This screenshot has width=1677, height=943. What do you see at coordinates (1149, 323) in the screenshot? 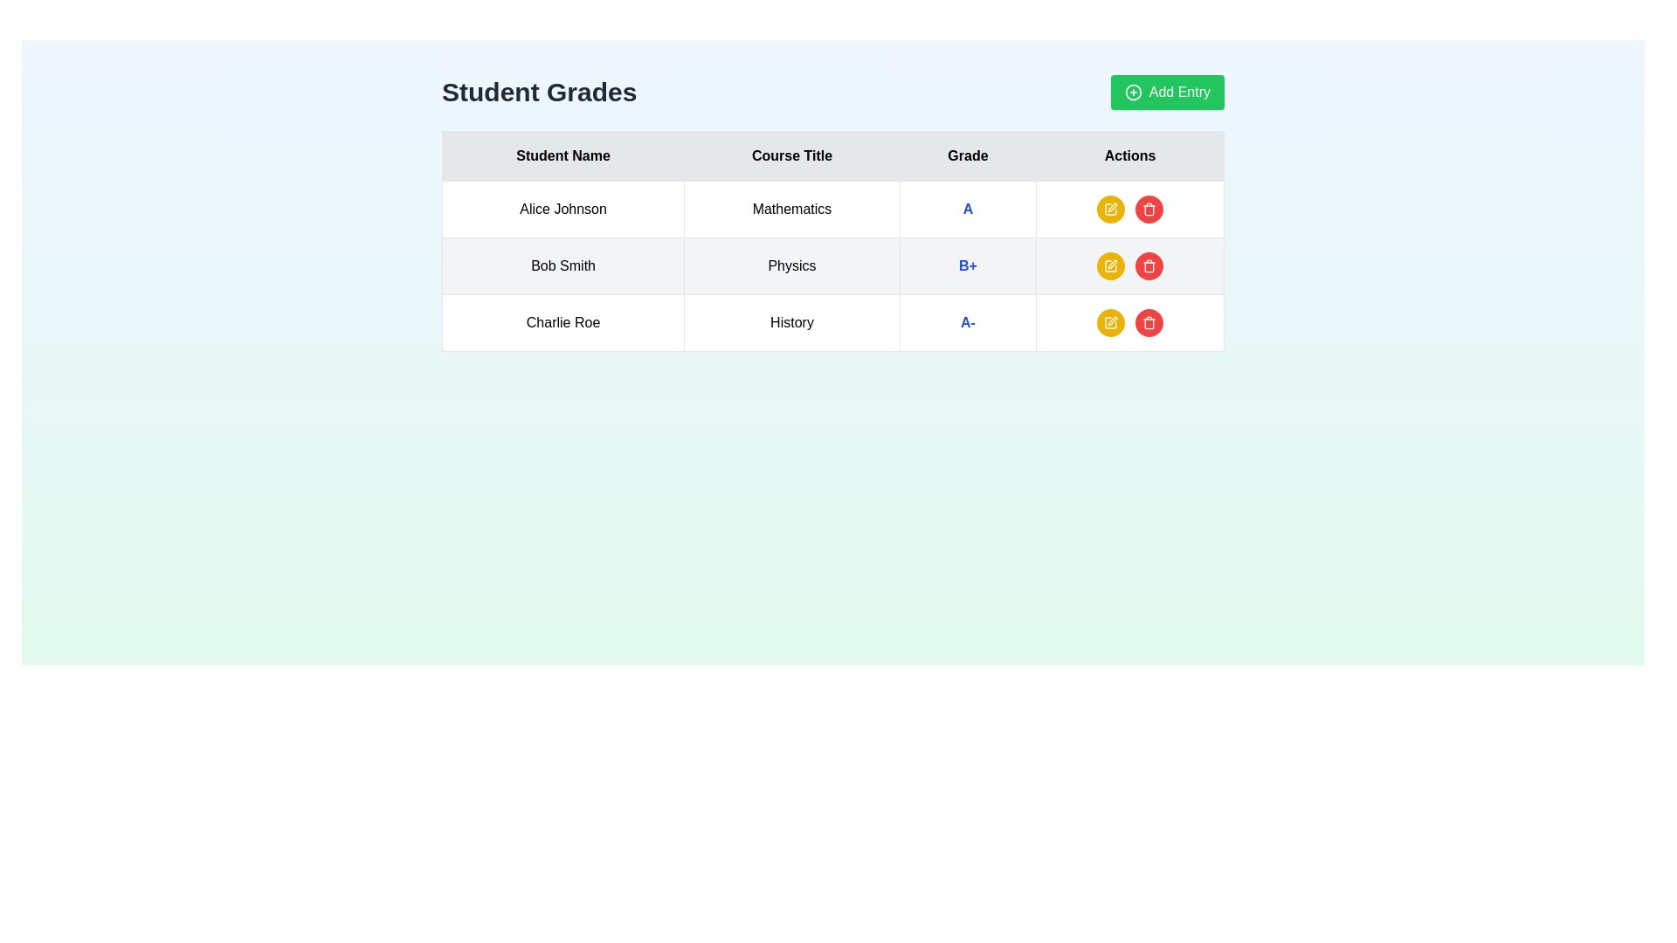
I see `the trash can icon button with a red circular background located in the 'Actions' column of the table, specifically for the entry of 'Charlie Roe' under 'History', to initiate deletion` at bounding box center [1149, 323].